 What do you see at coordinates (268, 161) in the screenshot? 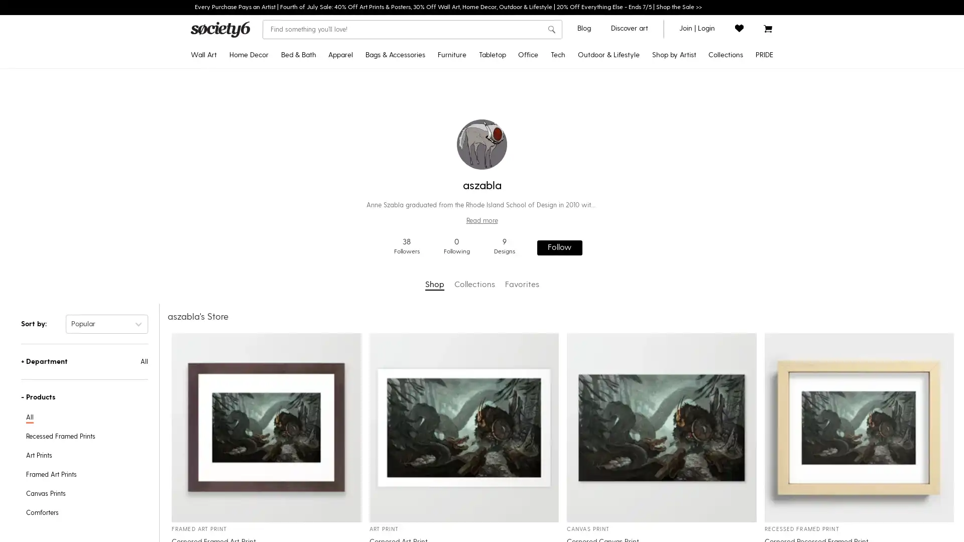
I see `Blackout Curtains` at bounding box center [268, 161].